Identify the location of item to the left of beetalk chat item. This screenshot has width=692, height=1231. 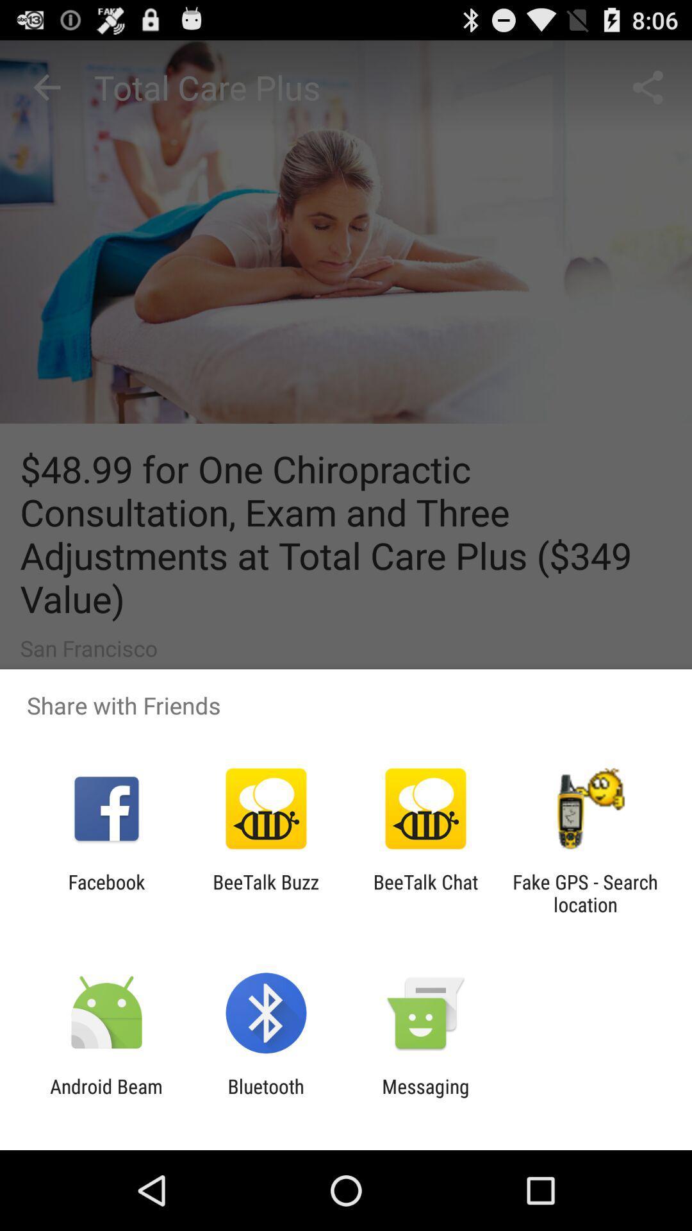
(265, 892).